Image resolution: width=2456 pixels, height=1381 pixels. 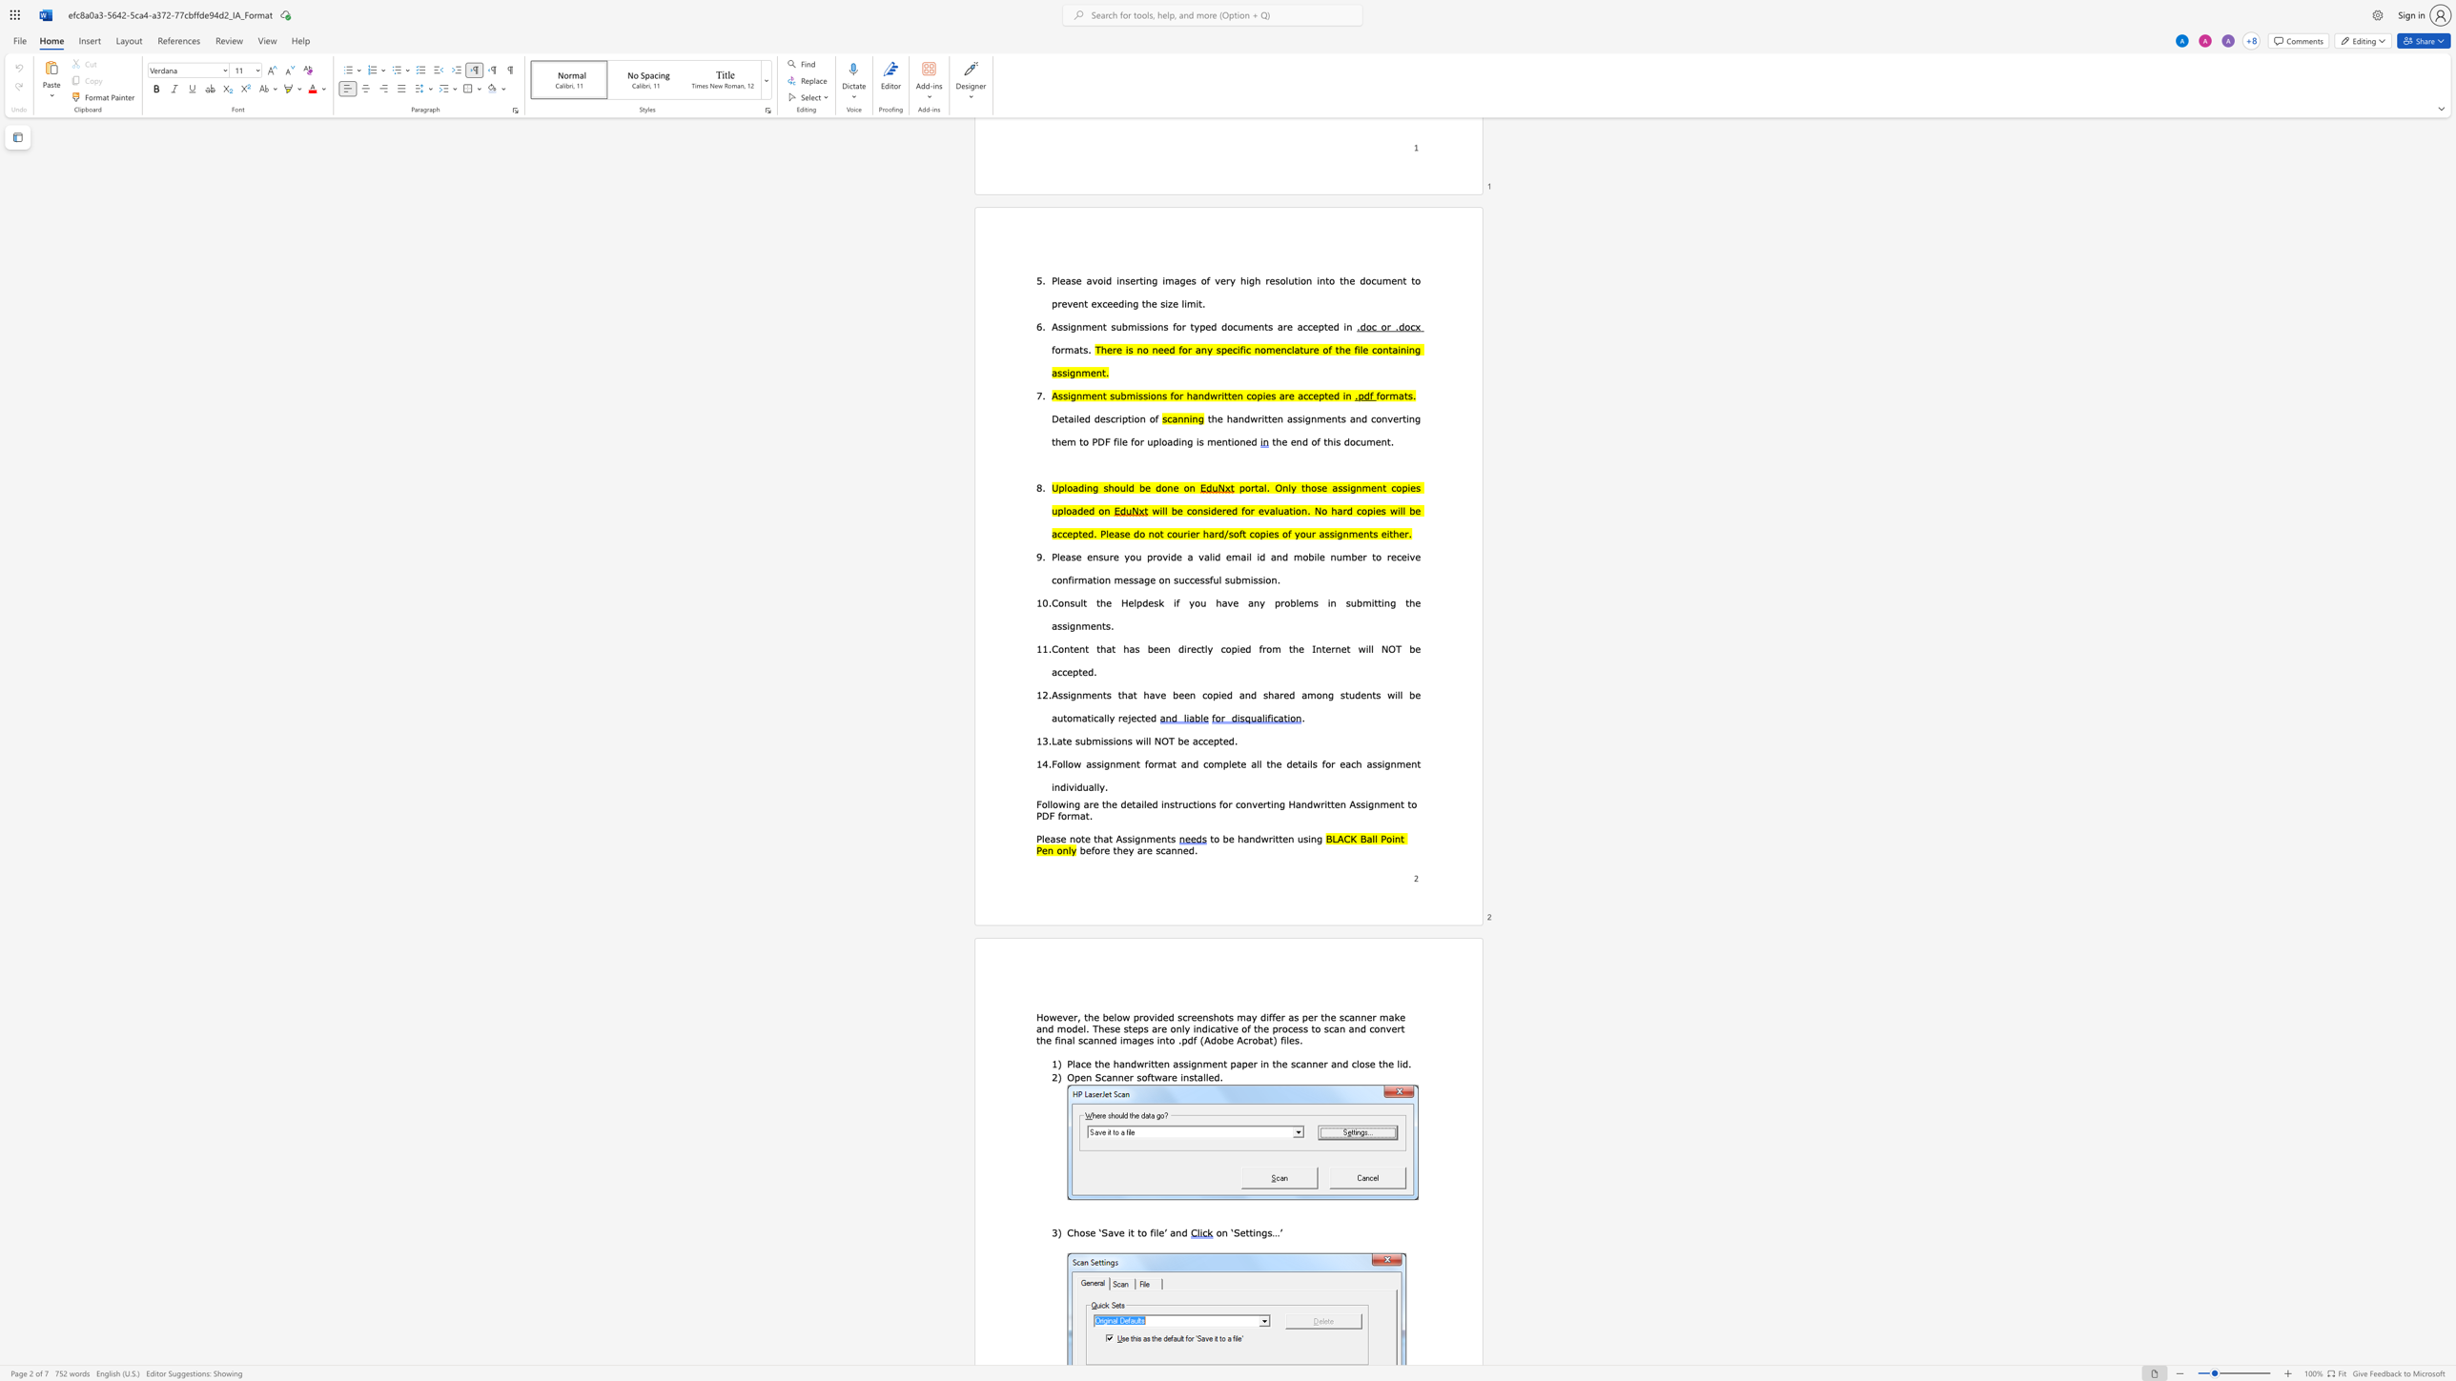 What do you see at coordinates (1081, 785) in the screenshot?
I see `the space between the continuous character "d" and "u" in the text` at bounding box center [1081, 785].